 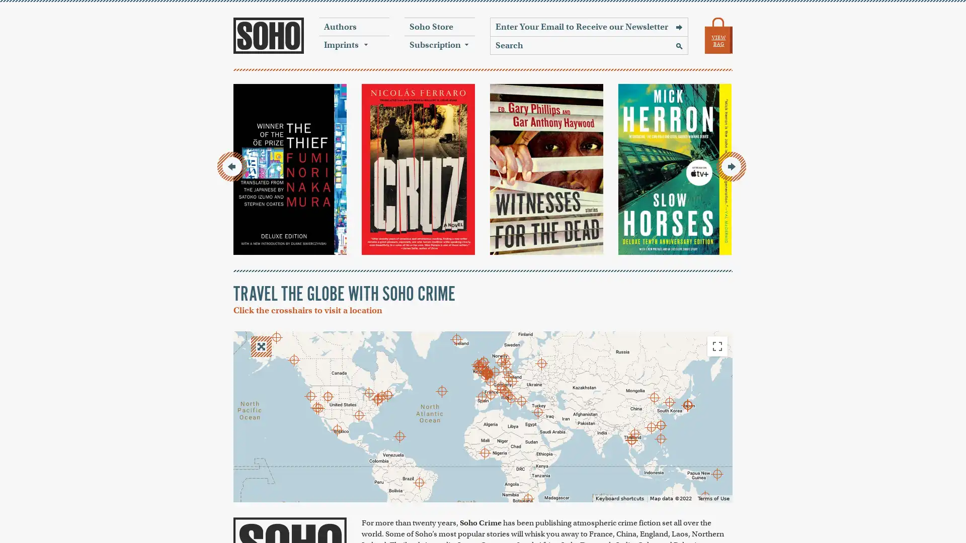 I want to click on Sign Up, so click(x=679, y=26).